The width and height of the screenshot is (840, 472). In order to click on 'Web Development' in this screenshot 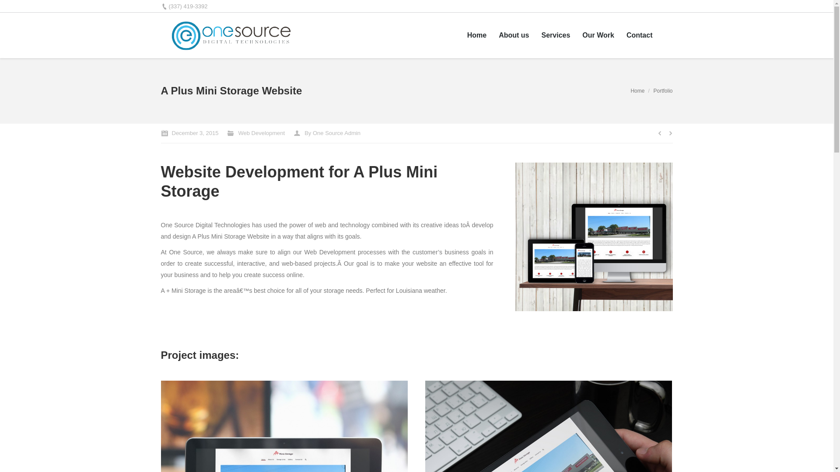, I will do `click(261, 133)`.